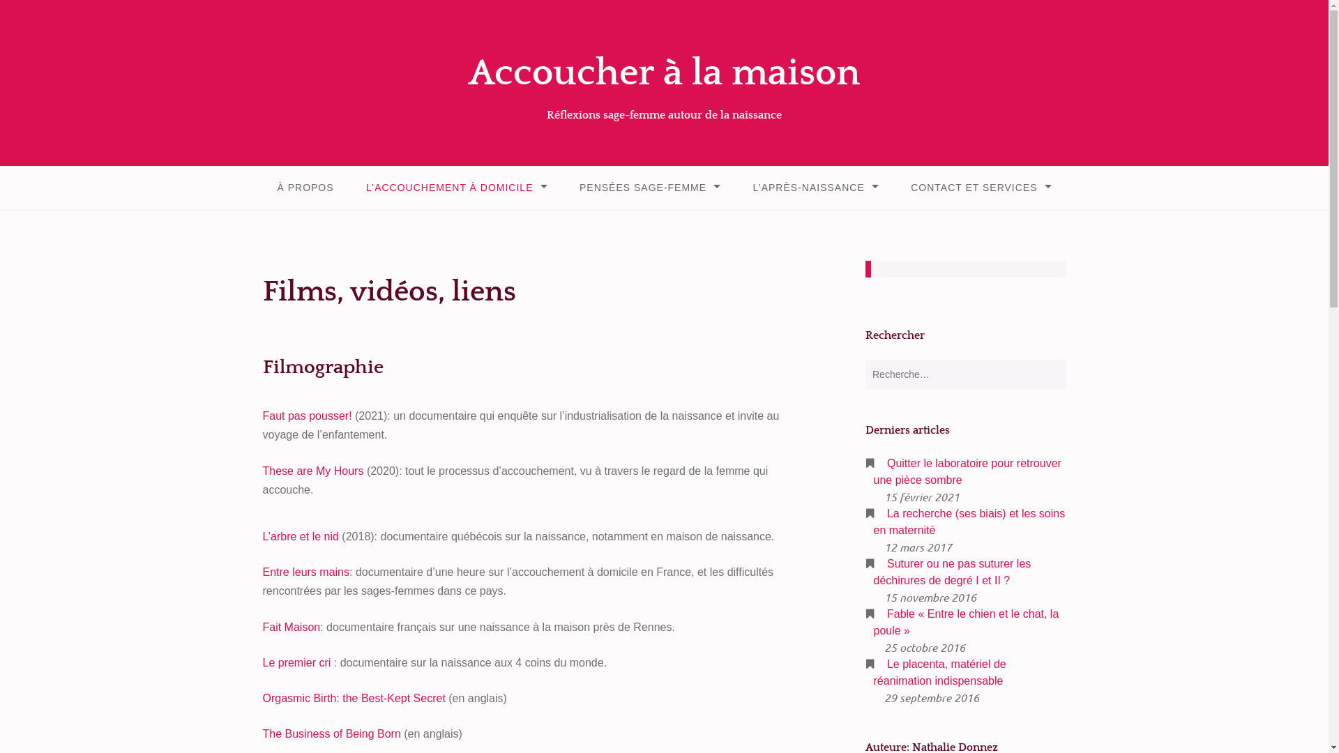  What do you see at coordinates (354, 698) in the screenshot?
I see `'Orgasmic Birth: the Best-Kept Secret'` at bounding box center [354, 698].